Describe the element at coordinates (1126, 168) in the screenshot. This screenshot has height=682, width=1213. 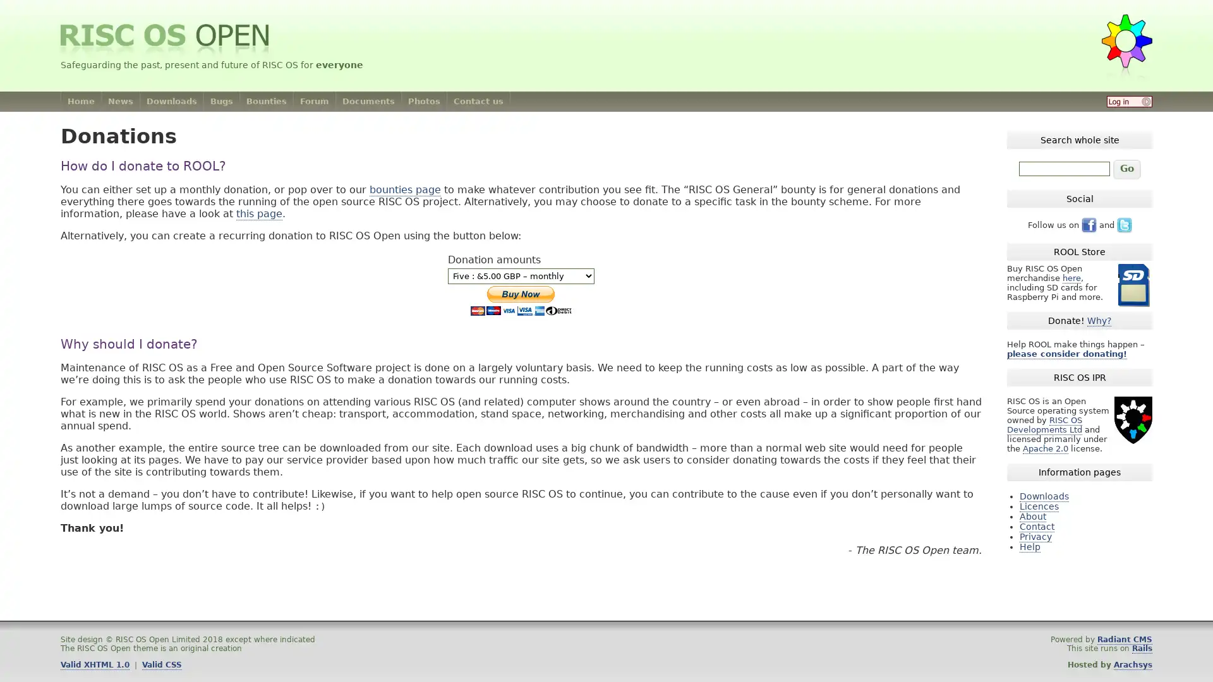
I see `Go` at that location.